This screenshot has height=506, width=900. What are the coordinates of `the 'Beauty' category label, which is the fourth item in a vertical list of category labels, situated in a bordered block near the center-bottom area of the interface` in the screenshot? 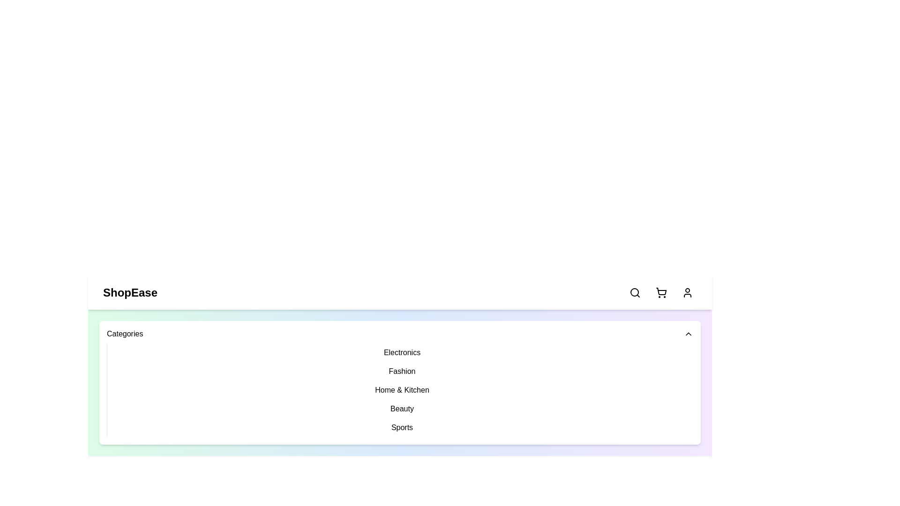 It's located at (402, 408).